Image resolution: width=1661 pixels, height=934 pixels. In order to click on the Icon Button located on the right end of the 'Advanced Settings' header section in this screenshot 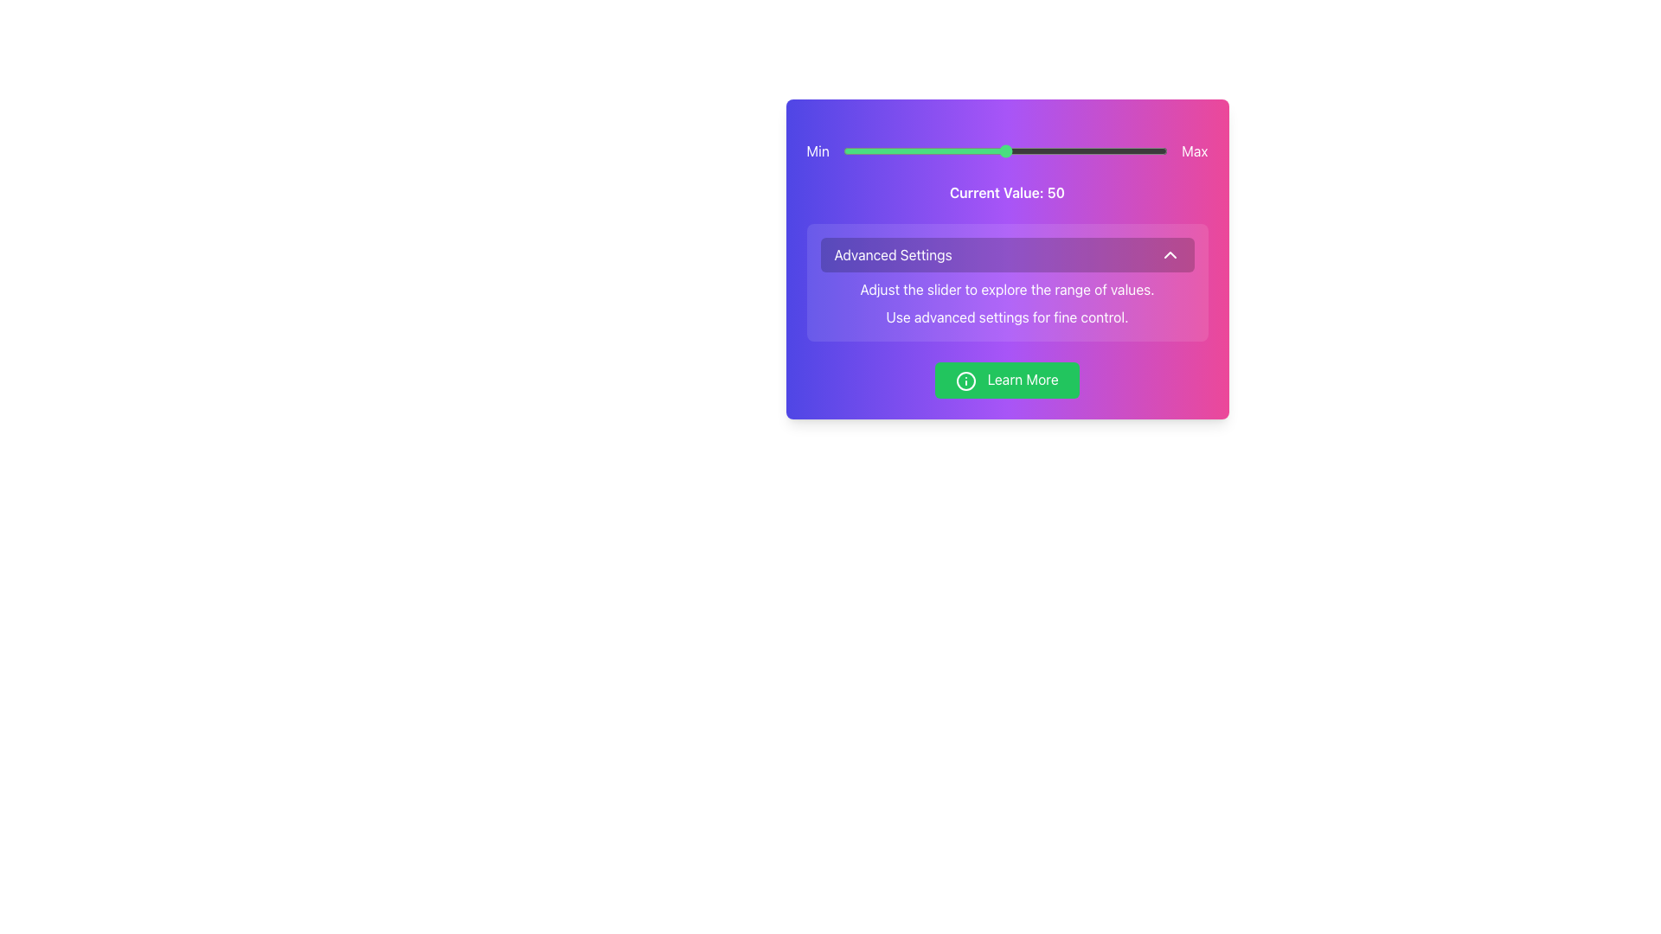, I will do `click(1170, 254)`.